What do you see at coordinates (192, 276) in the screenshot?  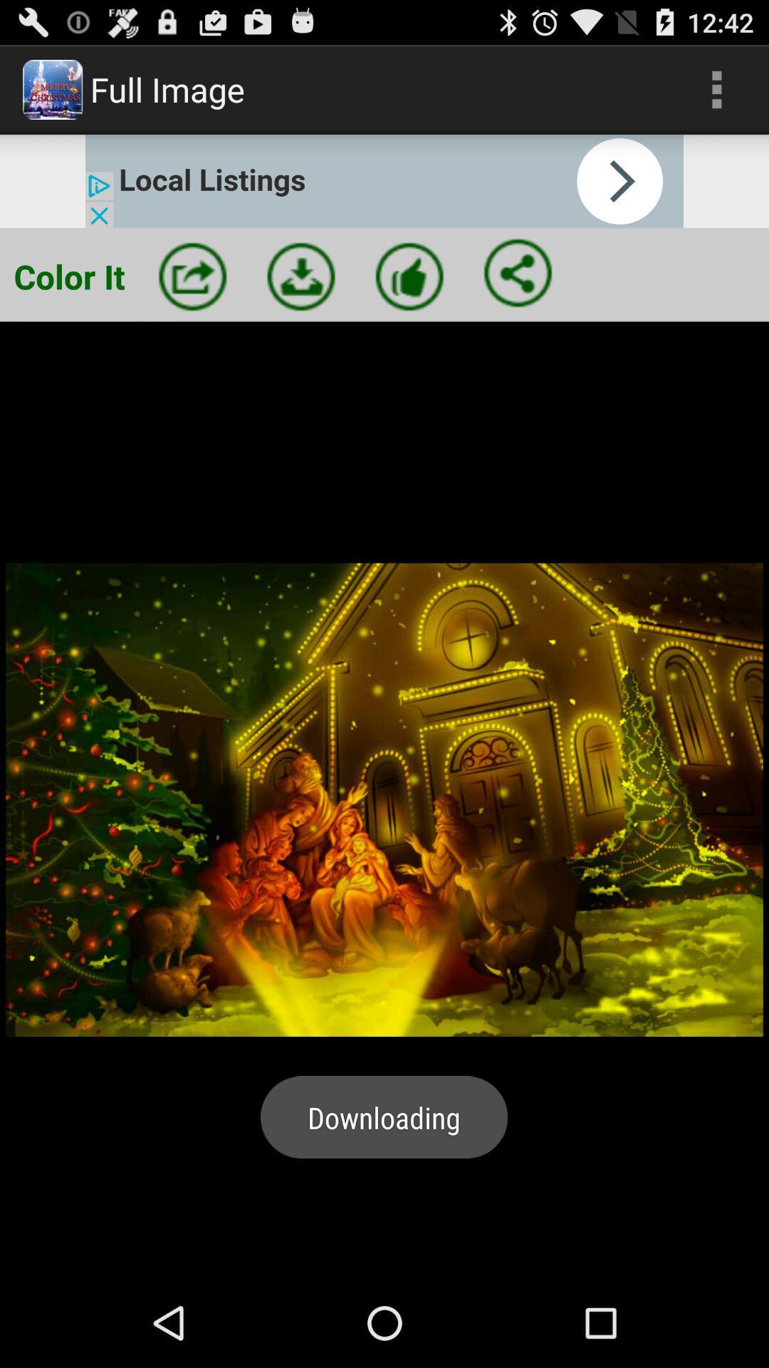 I see `new` at bounding box center [192, 276].